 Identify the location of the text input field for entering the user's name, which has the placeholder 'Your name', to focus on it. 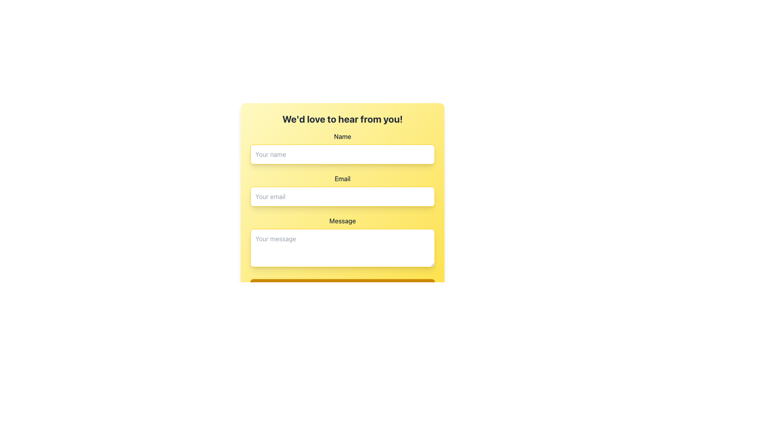
(342, 148).